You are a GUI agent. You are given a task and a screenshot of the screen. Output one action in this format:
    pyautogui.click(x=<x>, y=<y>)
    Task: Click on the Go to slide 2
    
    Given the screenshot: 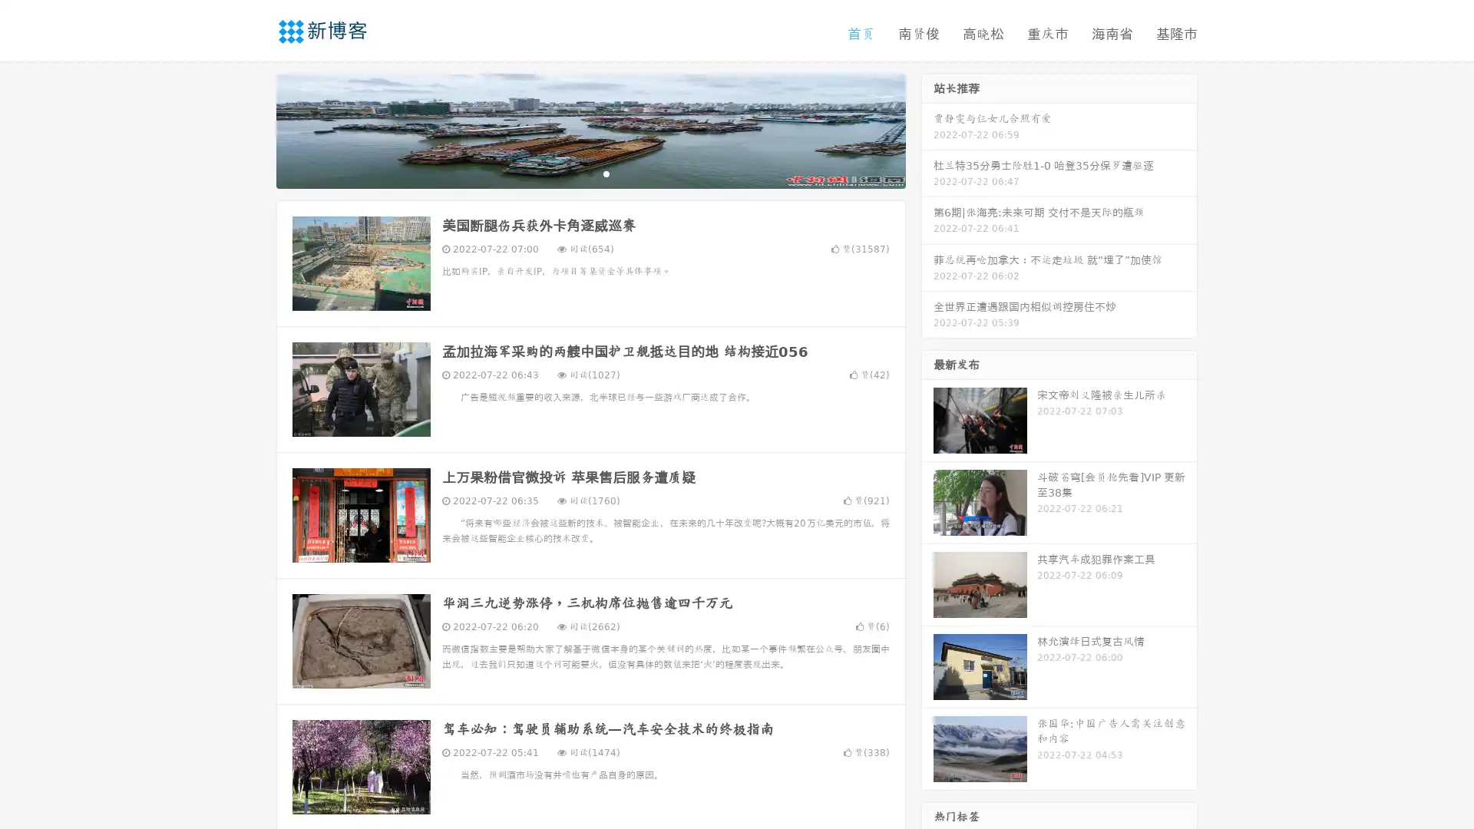 What is the action you would take?
    pyautogui.click(x=590, y=173)
    